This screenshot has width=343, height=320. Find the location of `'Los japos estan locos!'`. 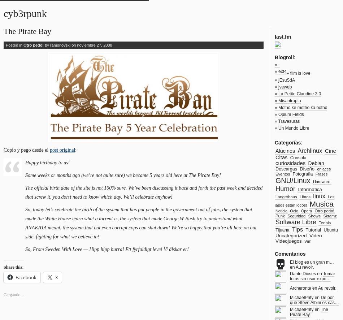

'Los japos estan locos!' is located at coordinates (304, 201).